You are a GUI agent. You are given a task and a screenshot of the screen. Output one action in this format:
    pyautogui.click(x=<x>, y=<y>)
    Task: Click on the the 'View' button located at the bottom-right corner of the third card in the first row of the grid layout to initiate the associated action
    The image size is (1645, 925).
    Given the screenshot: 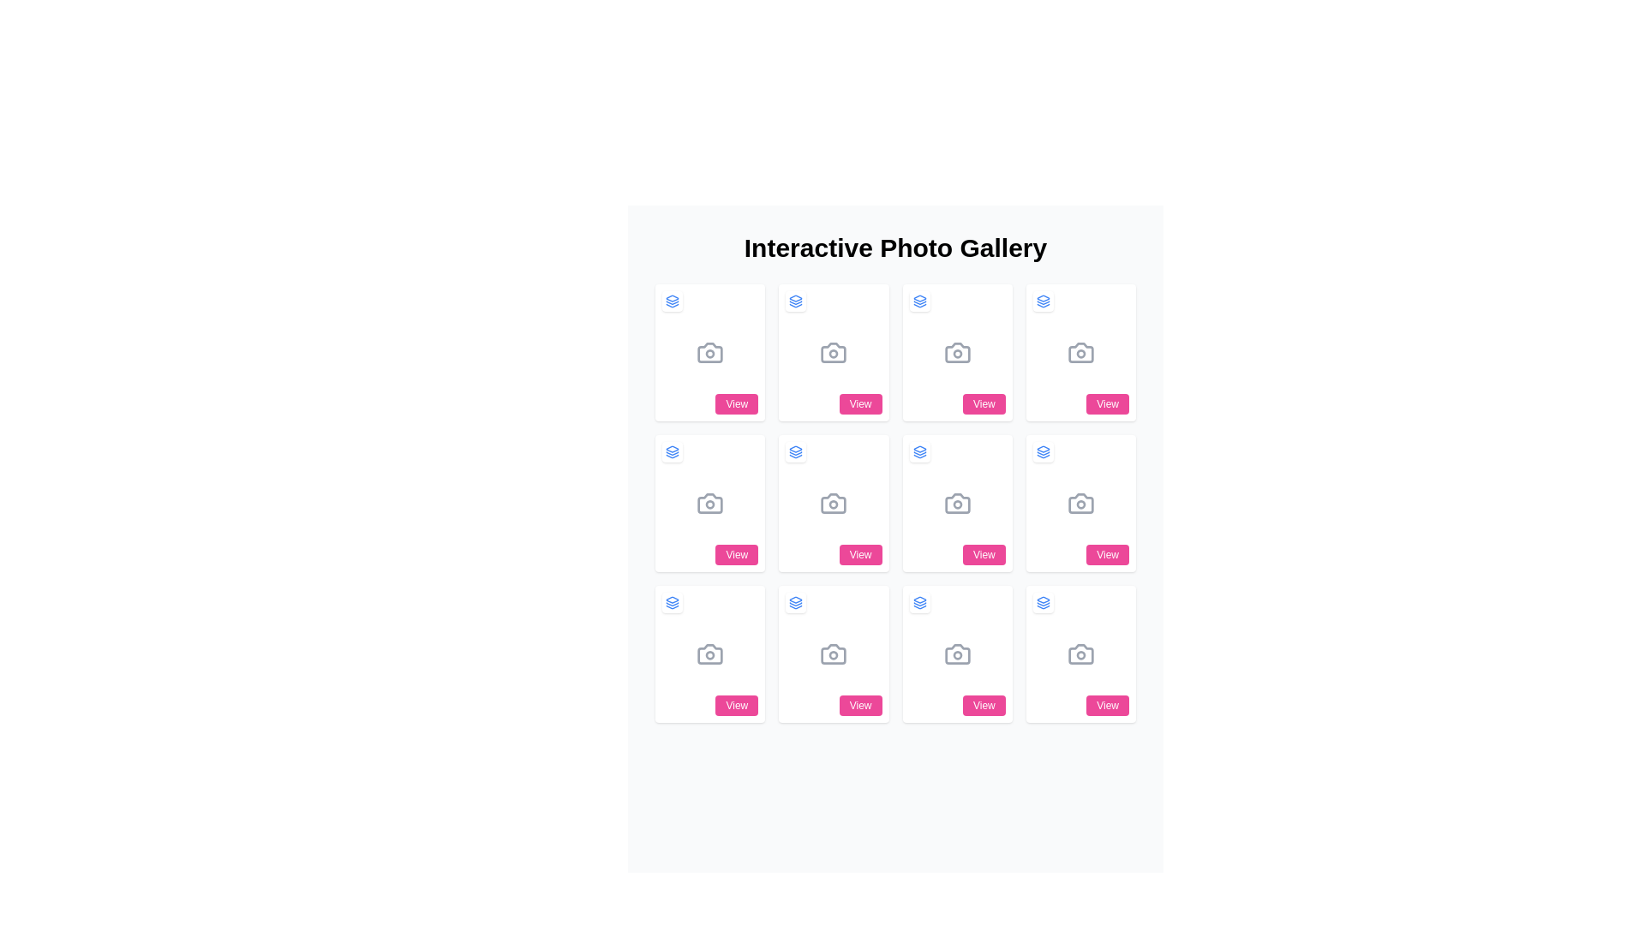 What is the action you would take?
    pyautogui.click(x=859, y=403)
    